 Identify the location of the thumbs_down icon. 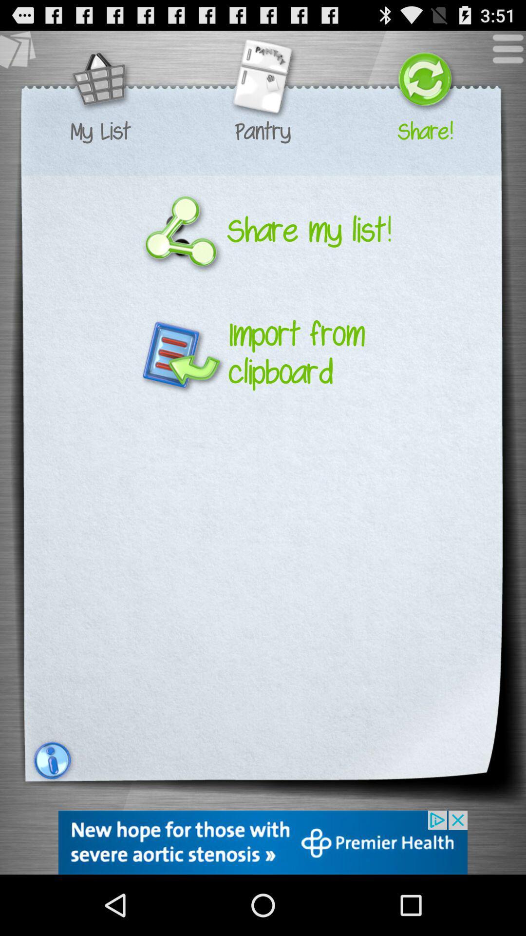
(22, 57).